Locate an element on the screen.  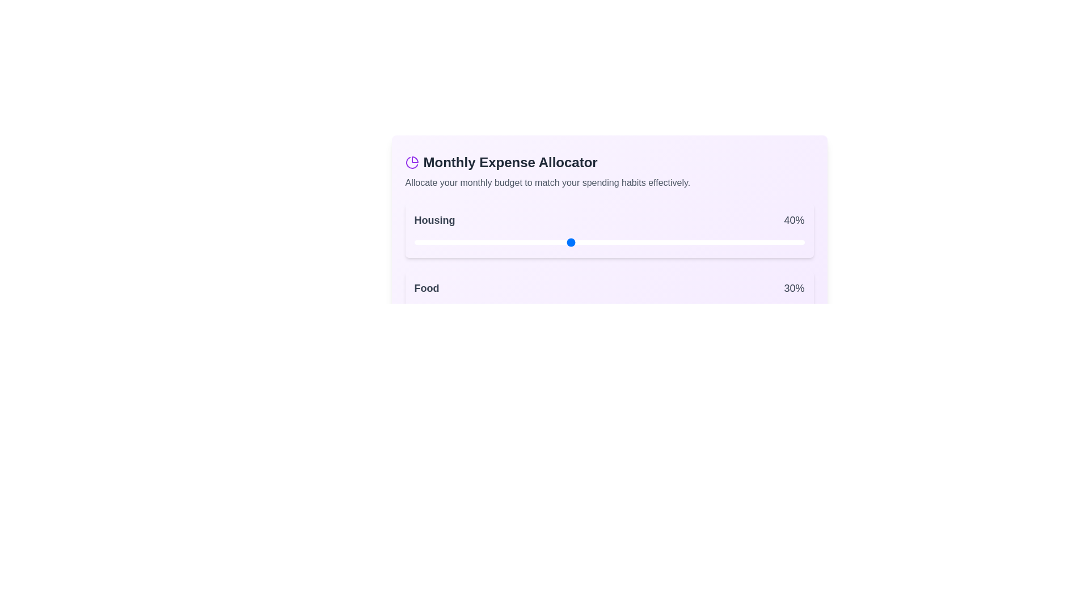
the value of the 'Housing' percentage slider is located at coordinates (769, 242).